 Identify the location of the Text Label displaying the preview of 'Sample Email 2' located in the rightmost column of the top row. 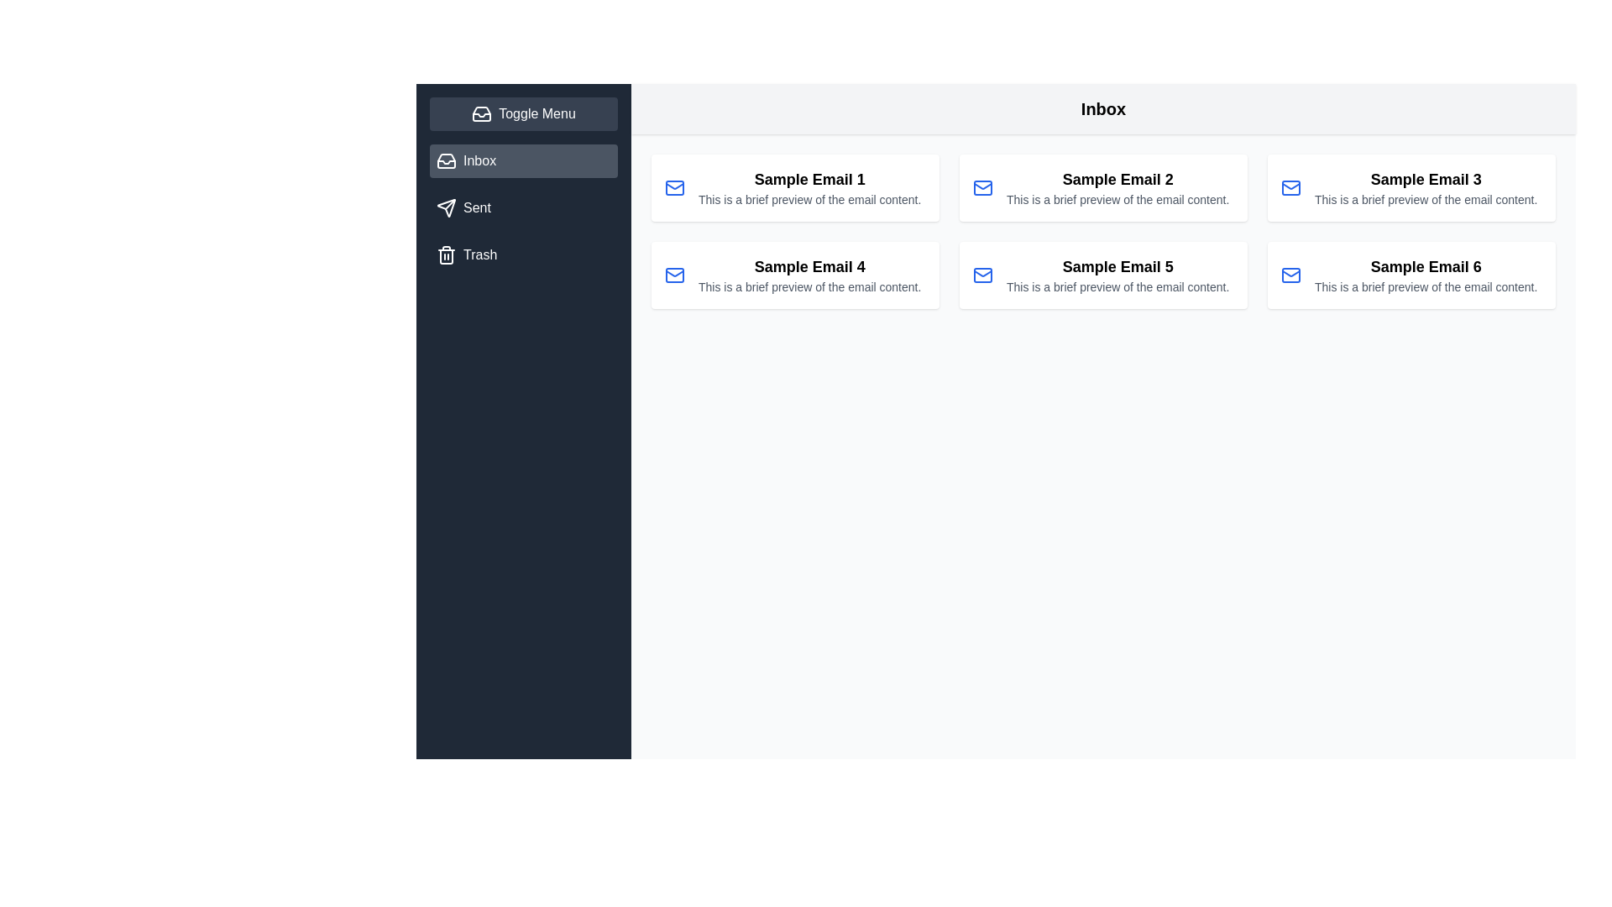
(1117, 199).